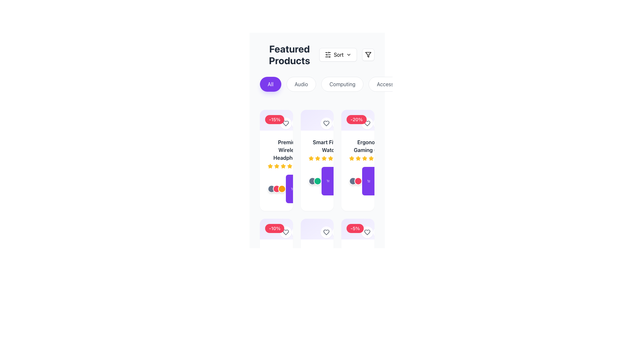 The width and height of the screenshot is (623, 350). Describe the element at coordinates (324, 158) in the screenshot. I see `the visual representation of the second star icon (Rating Indicator) located under the 'Smart Fit Watch' product name` at that location.